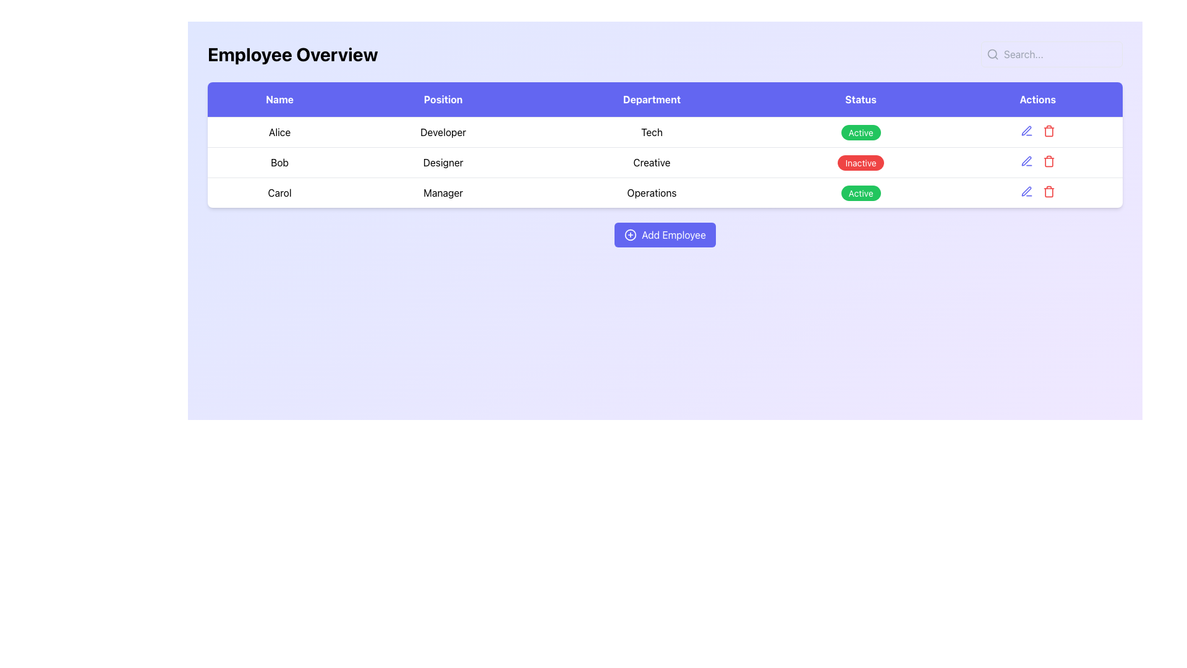 The height and width of the screenshot is (668, 1187). I want to click on the table header cell labeled 'Position', which is the second cell in a row of header cells, featuring a bold white font on an indigo background, so click(443, 99).